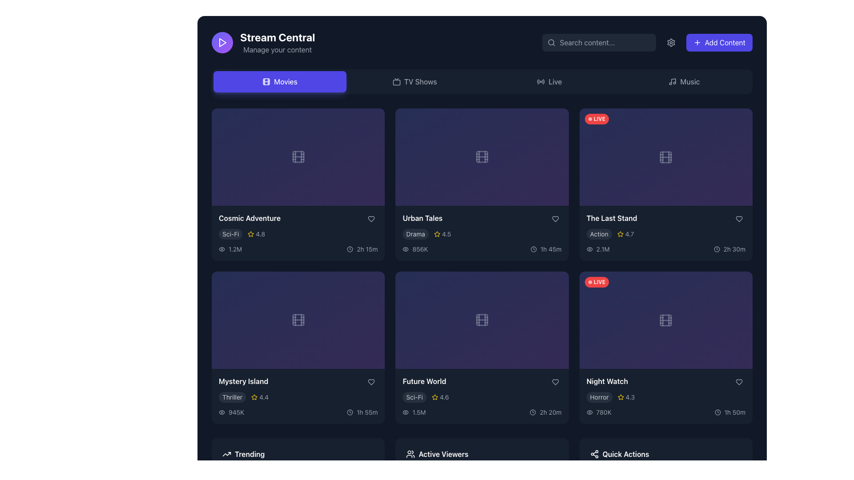 Image resolution: width=854 pixels, height=480 pixels. What do you see at coordinates (281, 354) in the screenshot?
I see `the 'Play' button located in the center of the preview card titled 'Mystery Island'` at bounding box center [281, 354].